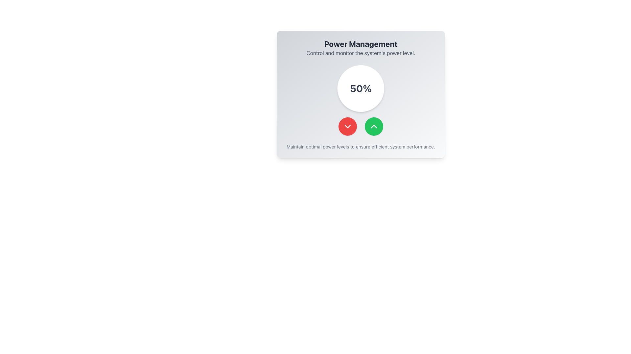 This screenshot has width=631, height=354. What do you see at coordinates (347, 126) in the screenshot?
I see `the decrement button for adjusting the power level, located at the bottom section of the power control card interface` at bounding box center [347, 126].